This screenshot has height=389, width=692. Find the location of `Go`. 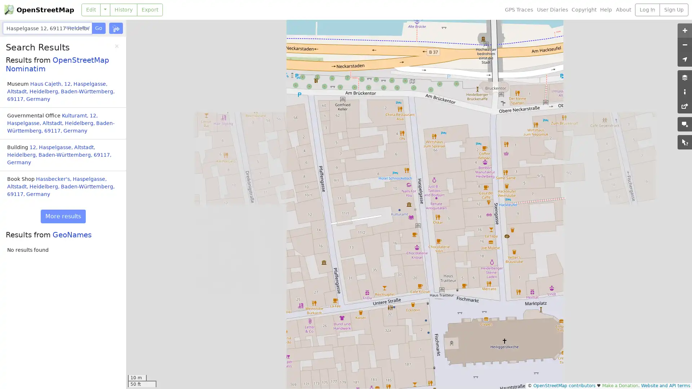

Go is located at coordinates (98, 28).